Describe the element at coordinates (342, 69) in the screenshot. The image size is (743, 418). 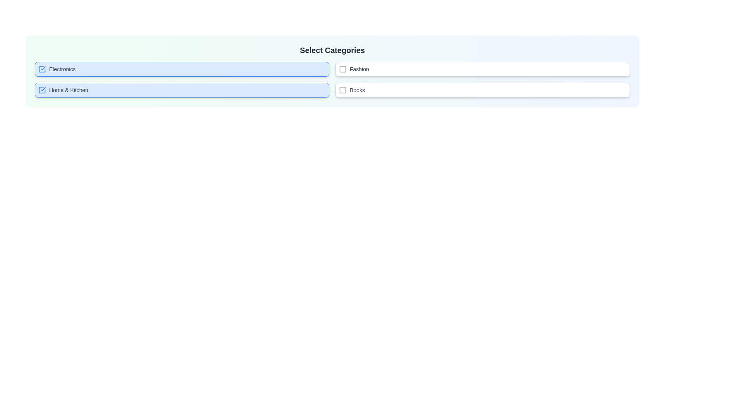
I see `the rounded square gray icon located to the left of the text 'Fashion'` at that location.